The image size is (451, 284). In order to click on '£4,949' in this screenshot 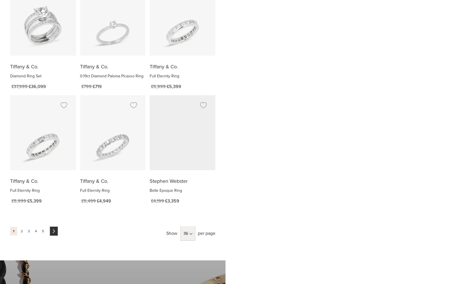, I will do `click(104, 200)`.